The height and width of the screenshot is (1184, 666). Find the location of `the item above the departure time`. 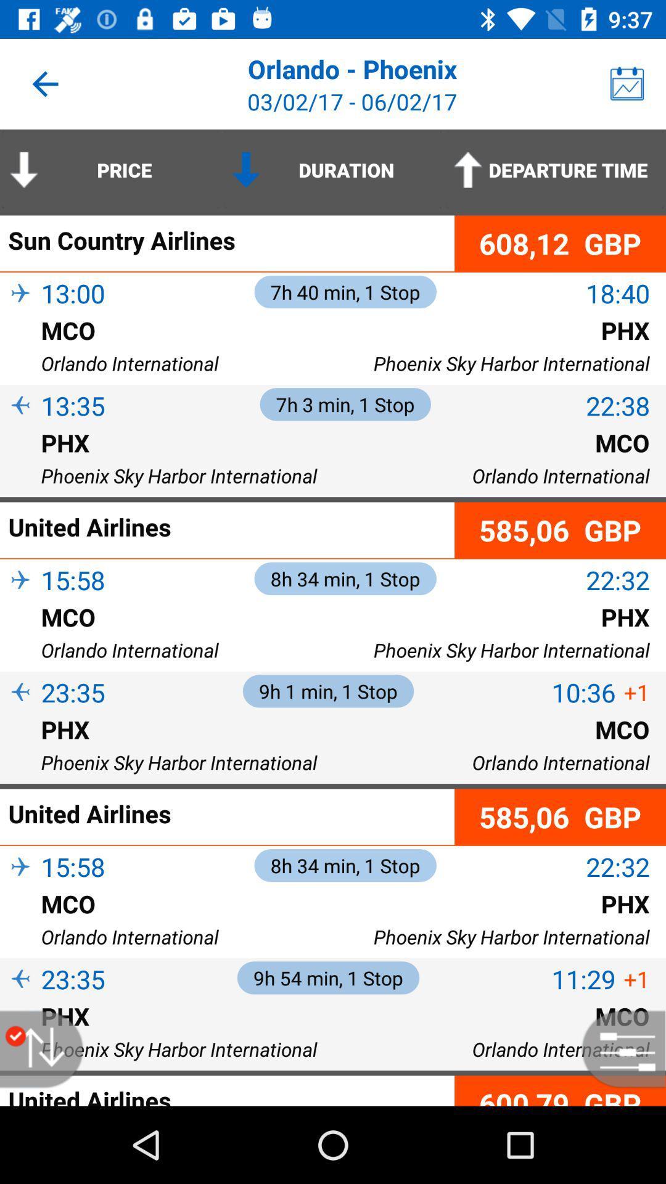

the item above the departure time is located at coordinates (627, 83).